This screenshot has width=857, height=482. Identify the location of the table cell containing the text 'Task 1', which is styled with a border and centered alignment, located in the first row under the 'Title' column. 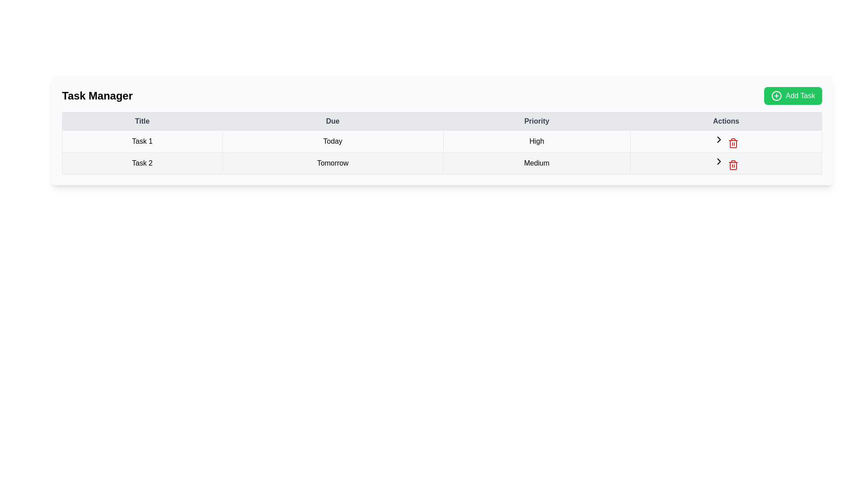
(141, 141).